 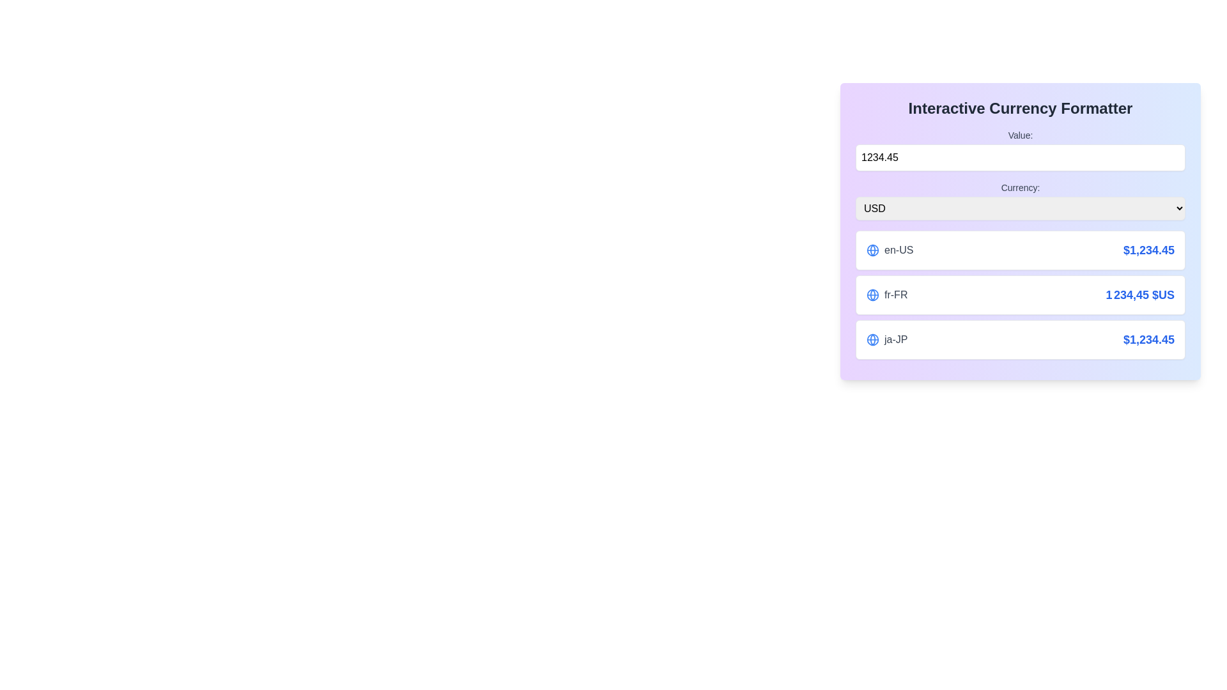 I want to click on the Text Label located at the top of the interface, which serves as a descriptive label for the numerical input field below it, so click(x=1020, y=135).